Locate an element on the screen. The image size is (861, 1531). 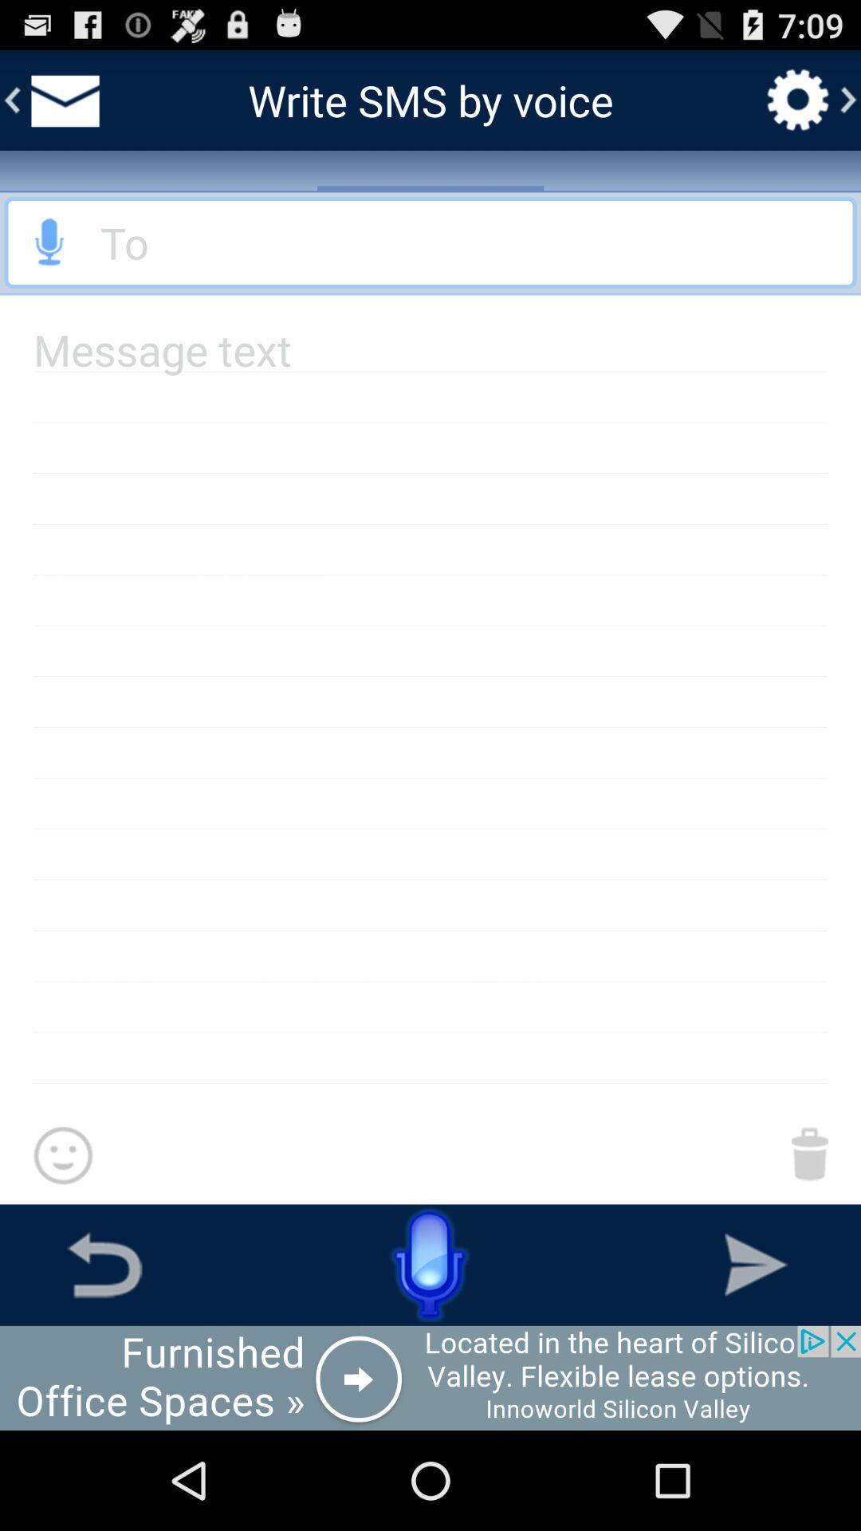
to view add is located at coordinates (431, 1377).